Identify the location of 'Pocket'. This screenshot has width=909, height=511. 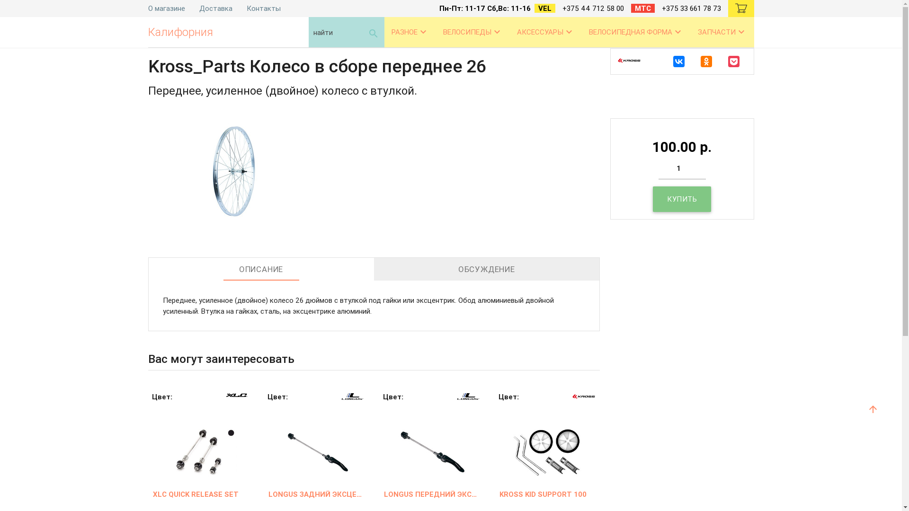
(733, 62).